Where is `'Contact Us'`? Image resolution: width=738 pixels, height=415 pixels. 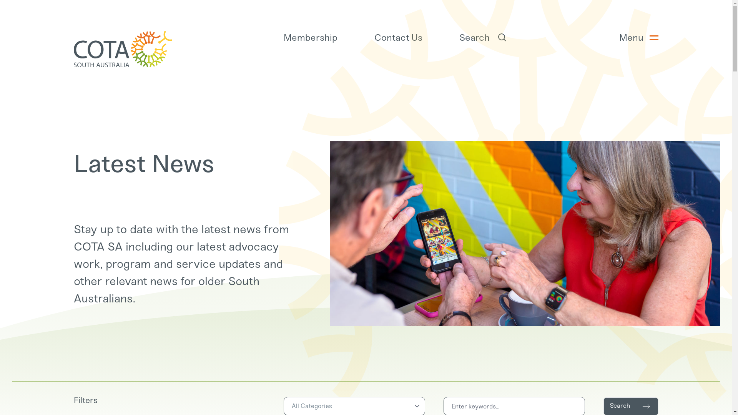 'Contact Us' is located at coordinates (374, 37).